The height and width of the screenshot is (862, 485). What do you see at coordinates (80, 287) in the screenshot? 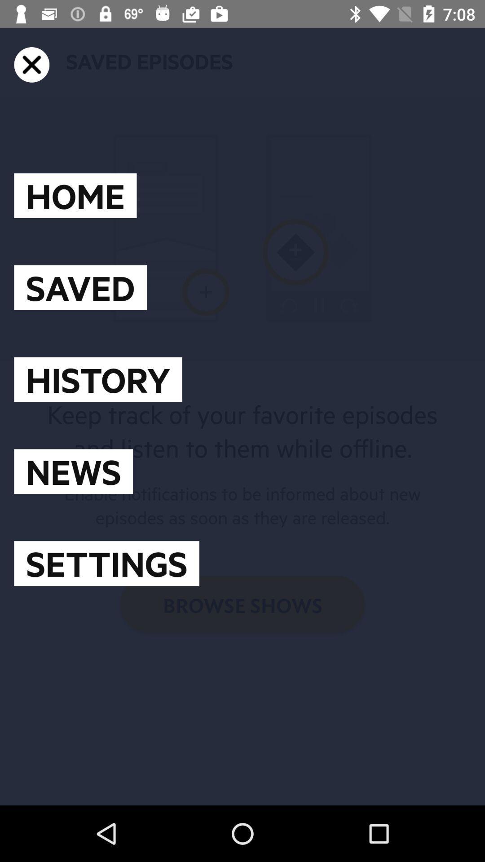
I see `the icon below home` at bounding box center [80, 287].